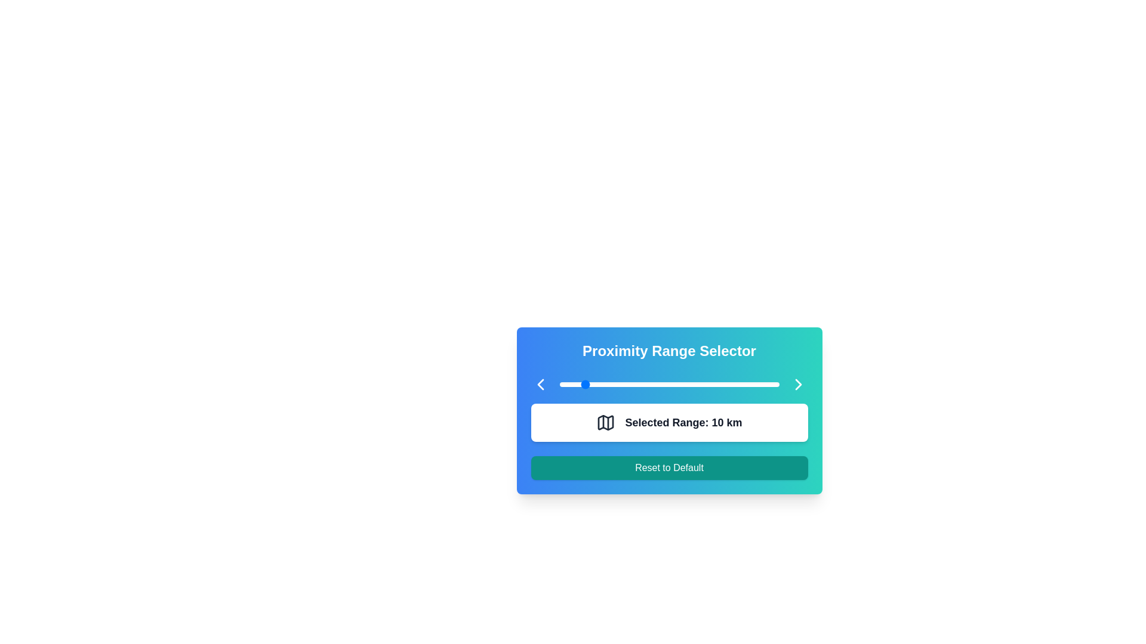 The height and width of the screenshot is (644, 1146). Describe the element at coordinates (669, 422) in the screenshot. I see `the informational label displaying 'Selected Range: 10 km' which is styled with a map icon on the left and positioned below the proximity range slider` at that location.